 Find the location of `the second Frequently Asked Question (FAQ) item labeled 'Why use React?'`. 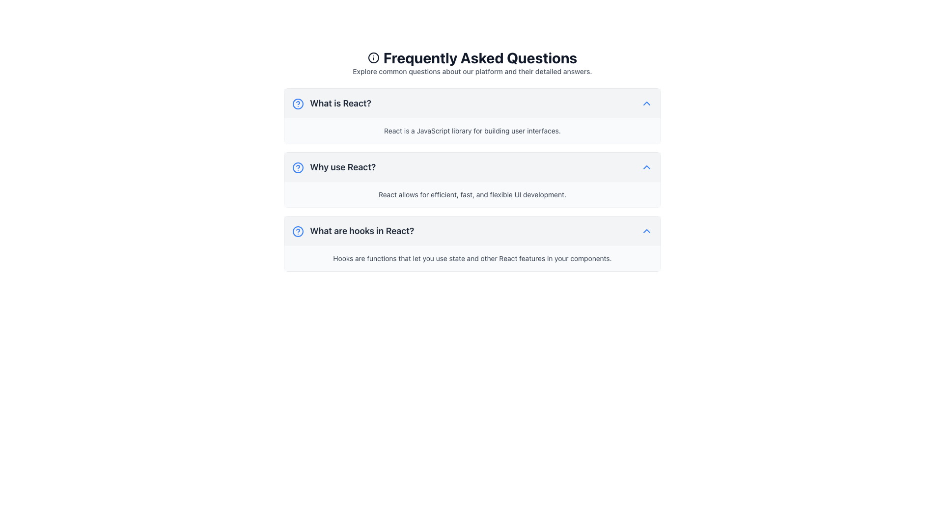

the second Frequently Asked Question (FAQ) item labeled 'Why use React?' is located at coordinates (472, 164).